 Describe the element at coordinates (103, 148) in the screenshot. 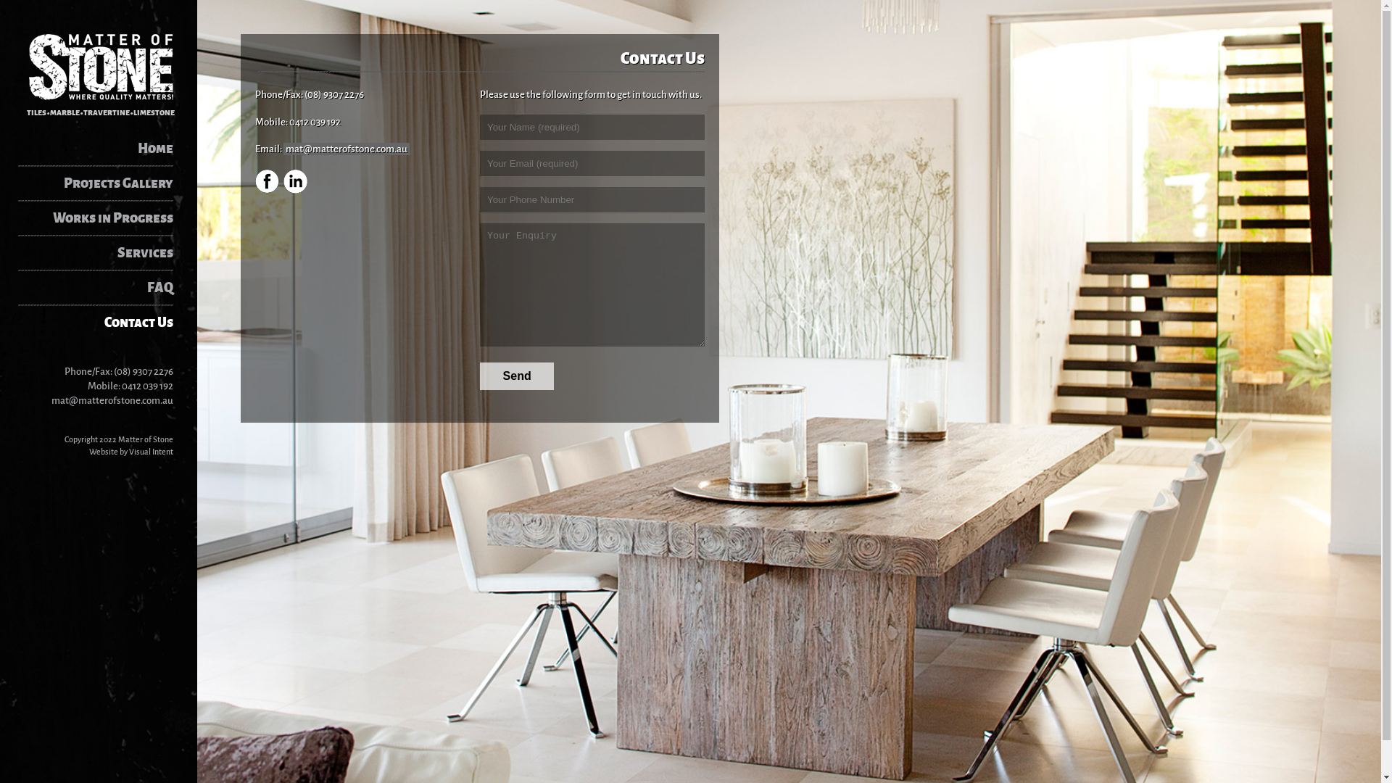

I see `'Home'` at that location.